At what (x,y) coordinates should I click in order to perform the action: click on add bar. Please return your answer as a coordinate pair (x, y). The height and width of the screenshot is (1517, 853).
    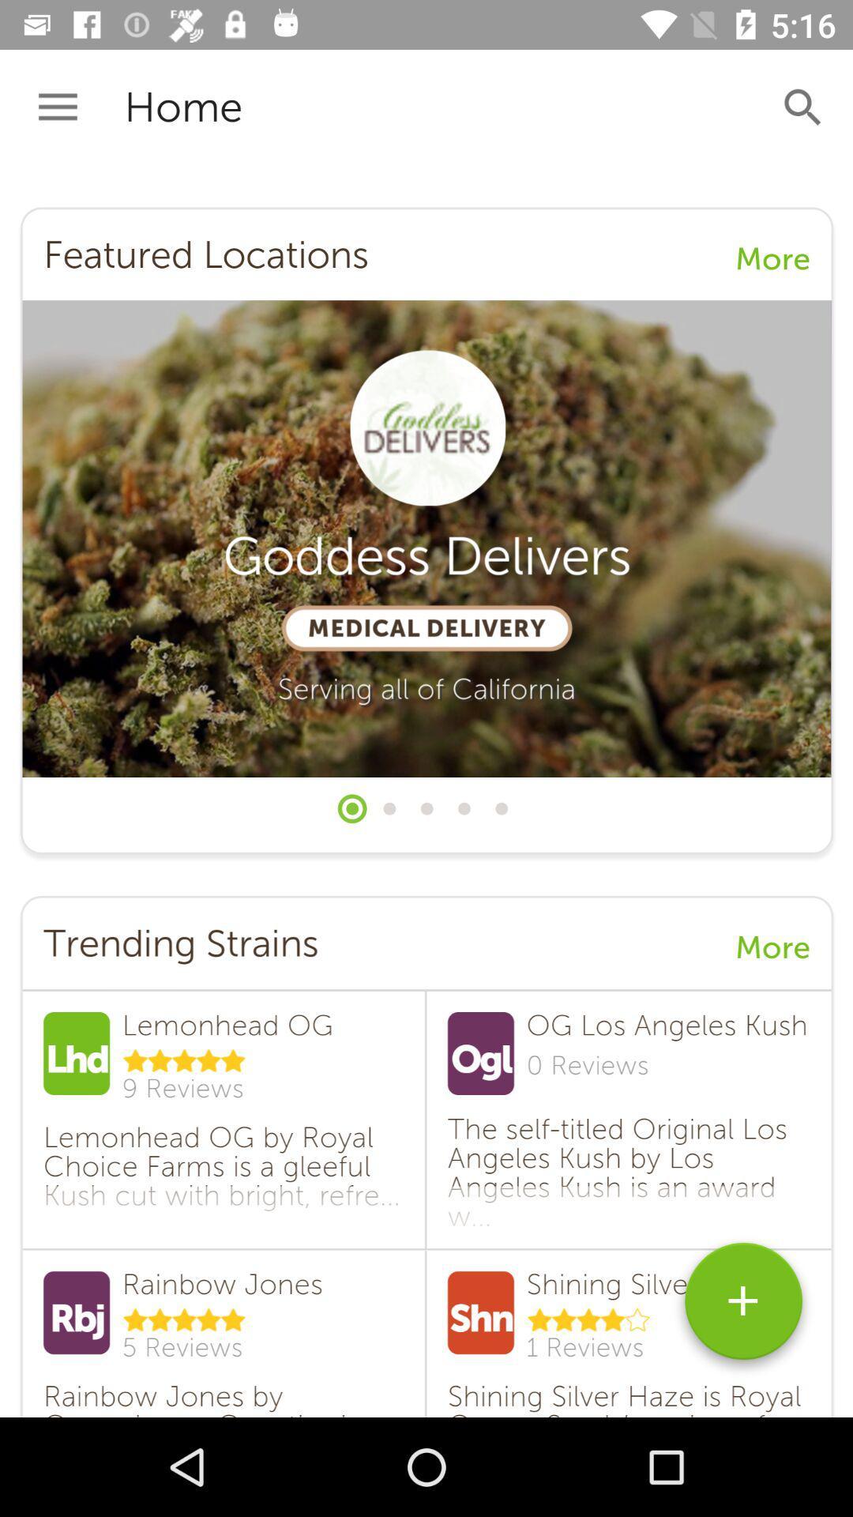
    Looking at the image, I should click on (743, 1307).